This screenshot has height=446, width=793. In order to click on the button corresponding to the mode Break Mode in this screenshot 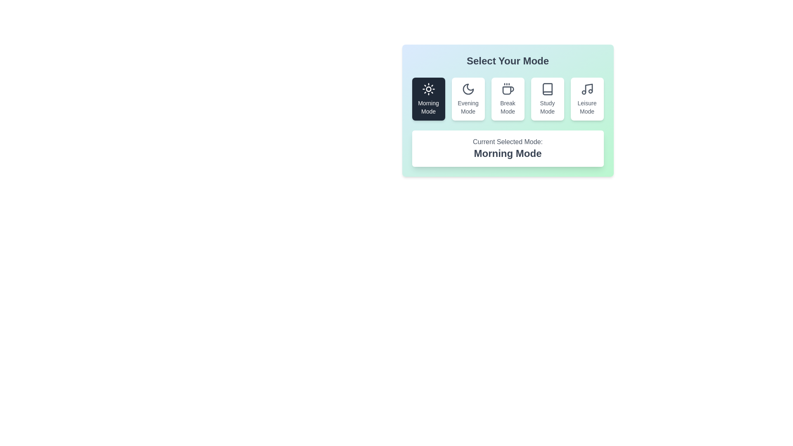, I will do `click(507, 98)`.